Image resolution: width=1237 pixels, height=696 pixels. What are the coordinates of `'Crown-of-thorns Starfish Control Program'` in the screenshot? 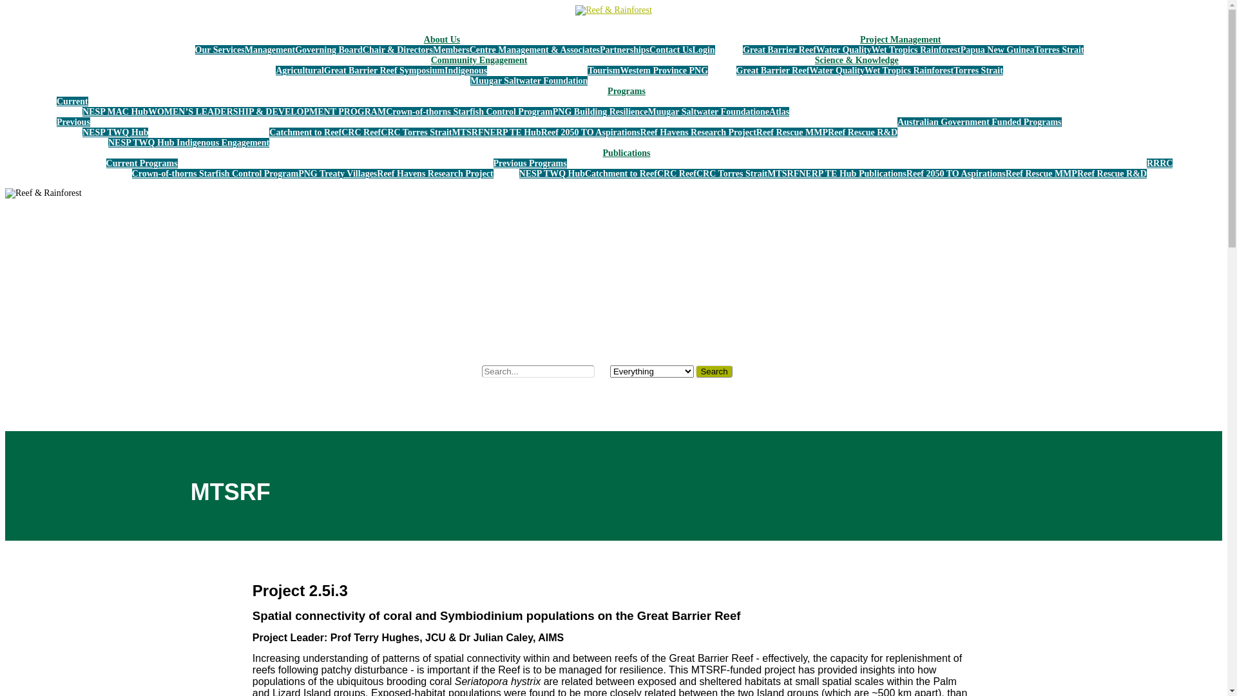 It's located at (468, 111).